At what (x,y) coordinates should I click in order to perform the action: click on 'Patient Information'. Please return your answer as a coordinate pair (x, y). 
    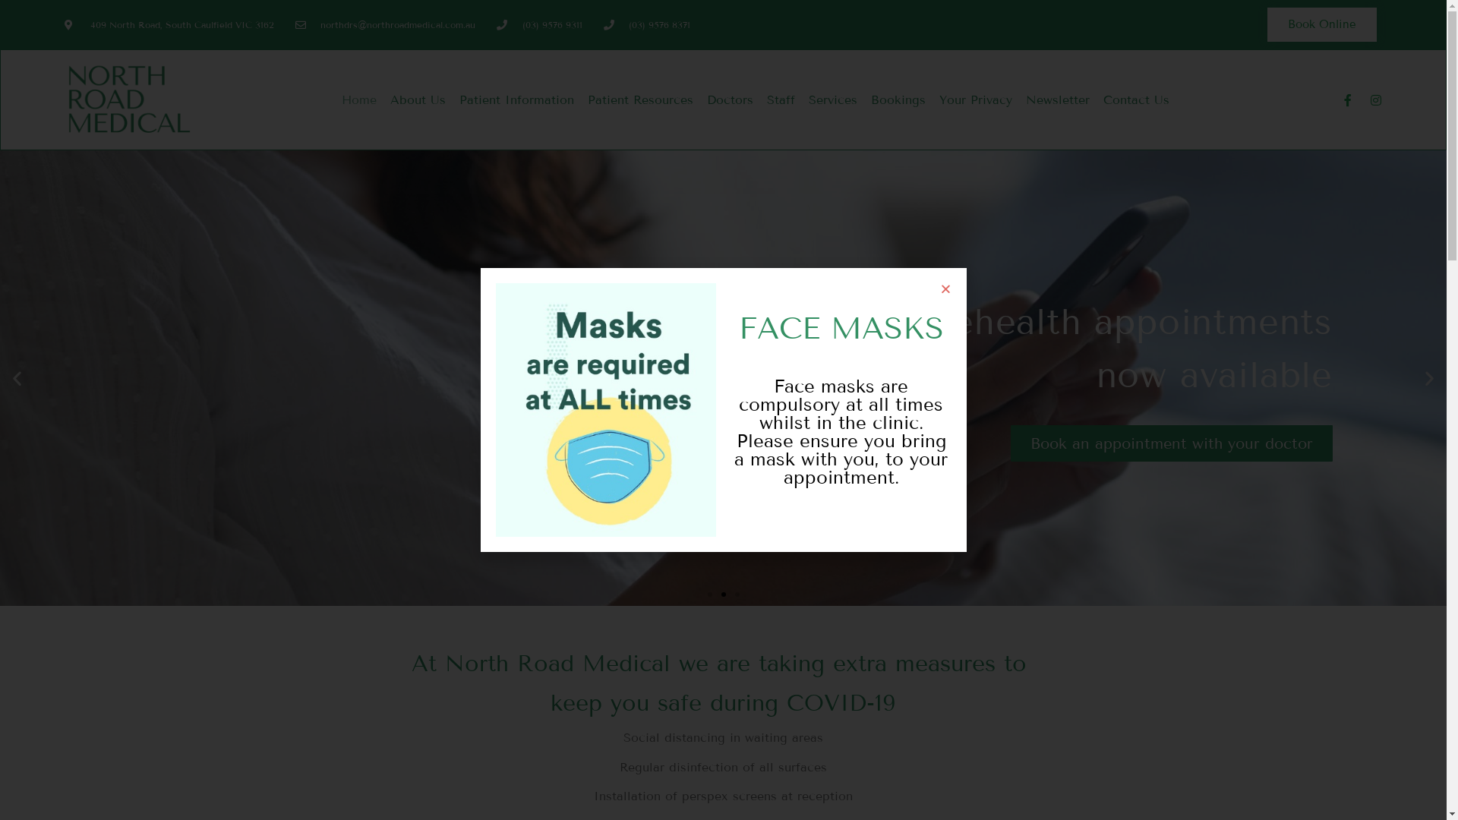
    Looking at the image, I should click on (451, 99).